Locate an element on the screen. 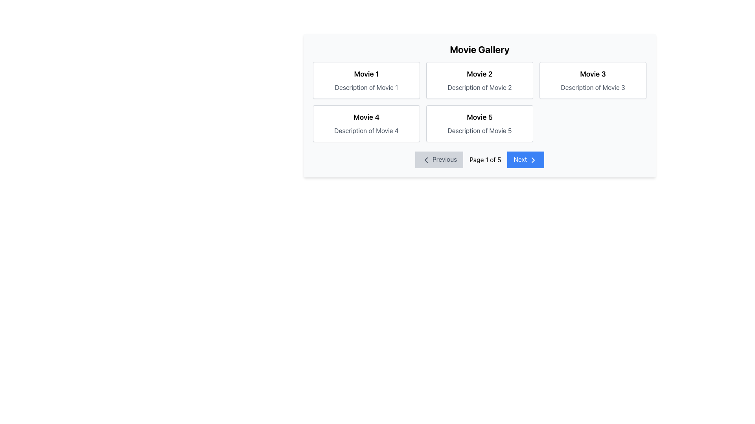 This screenshot has width=755, height=424. the 'Movie 3' title label, which is the upper text component in the card located in the top-right of the grid layout within the 'Movie Gallery' section is located at coordinates (593, 74).